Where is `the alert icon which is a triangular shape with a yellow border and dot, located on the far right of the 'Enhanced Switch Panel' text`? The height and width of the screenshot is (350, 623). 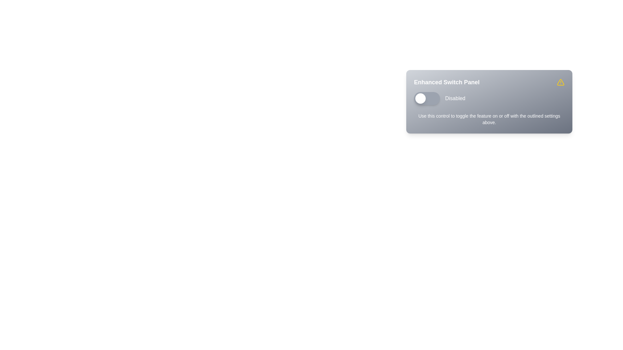 the alert icon which is a triangular shape with a yellow border and dot, located on the far right of the 'Enhanced Switch Panel' text is located at coordinates (560, 82).